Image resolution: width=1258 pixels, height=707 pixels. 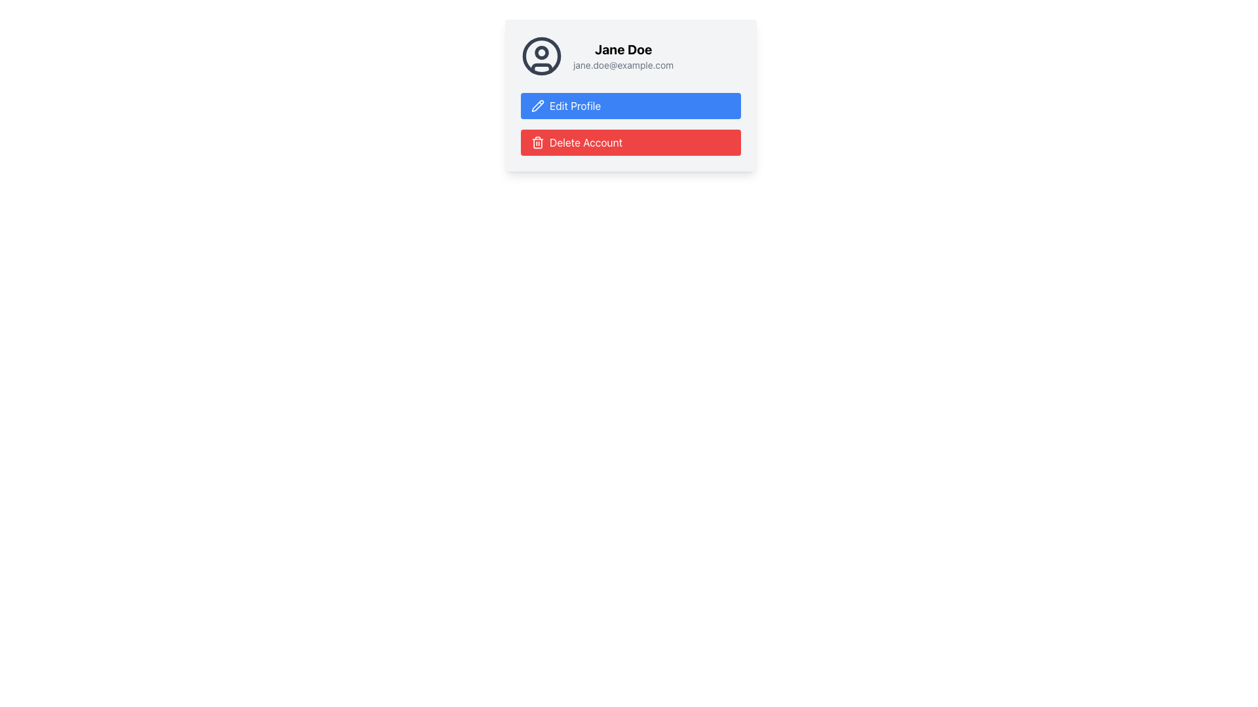 What do you see at coordinates (622, 65) in the screenshot?
I see `the email address text element displaying 'jane.doe@example.com', which is located directly below the bold name 'Jane Doe' in the profile information component` at bounding box center [622, 65].